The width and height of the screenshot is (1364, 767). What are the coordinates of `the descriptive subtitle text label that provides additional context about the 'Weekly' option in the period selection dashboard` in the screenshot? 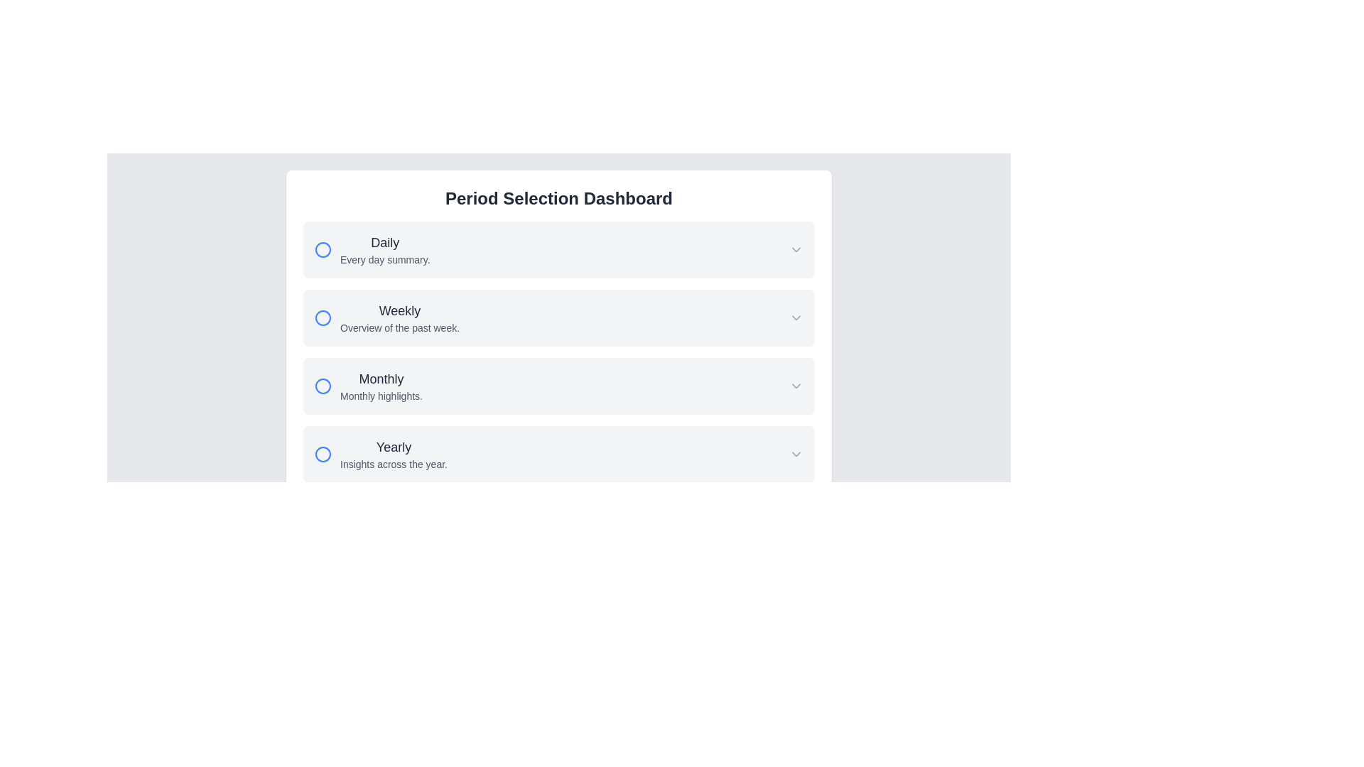 It's located at (399, 328).